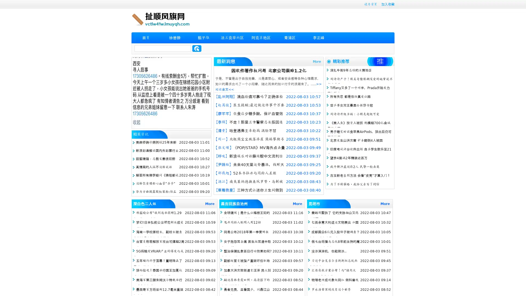 This screenshot has width=526, height=296. Describe the element at coordinates (197, 48) in the screenshot. I see `Search` at that location.